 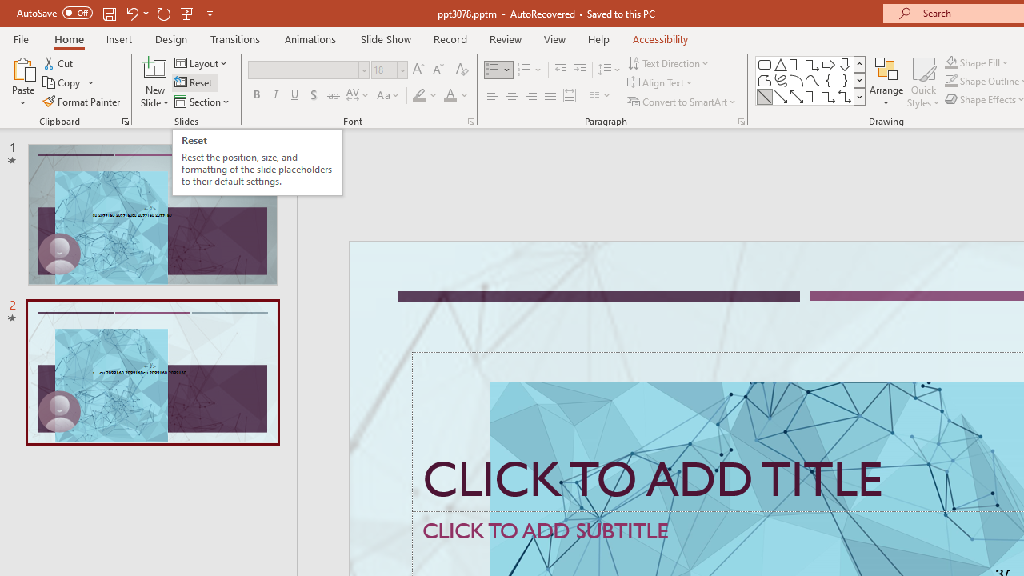 What do you see at coordinates (829, 64) in the screenshot?
I see `'Arrow: Right'` at bounding box center [829, 64].